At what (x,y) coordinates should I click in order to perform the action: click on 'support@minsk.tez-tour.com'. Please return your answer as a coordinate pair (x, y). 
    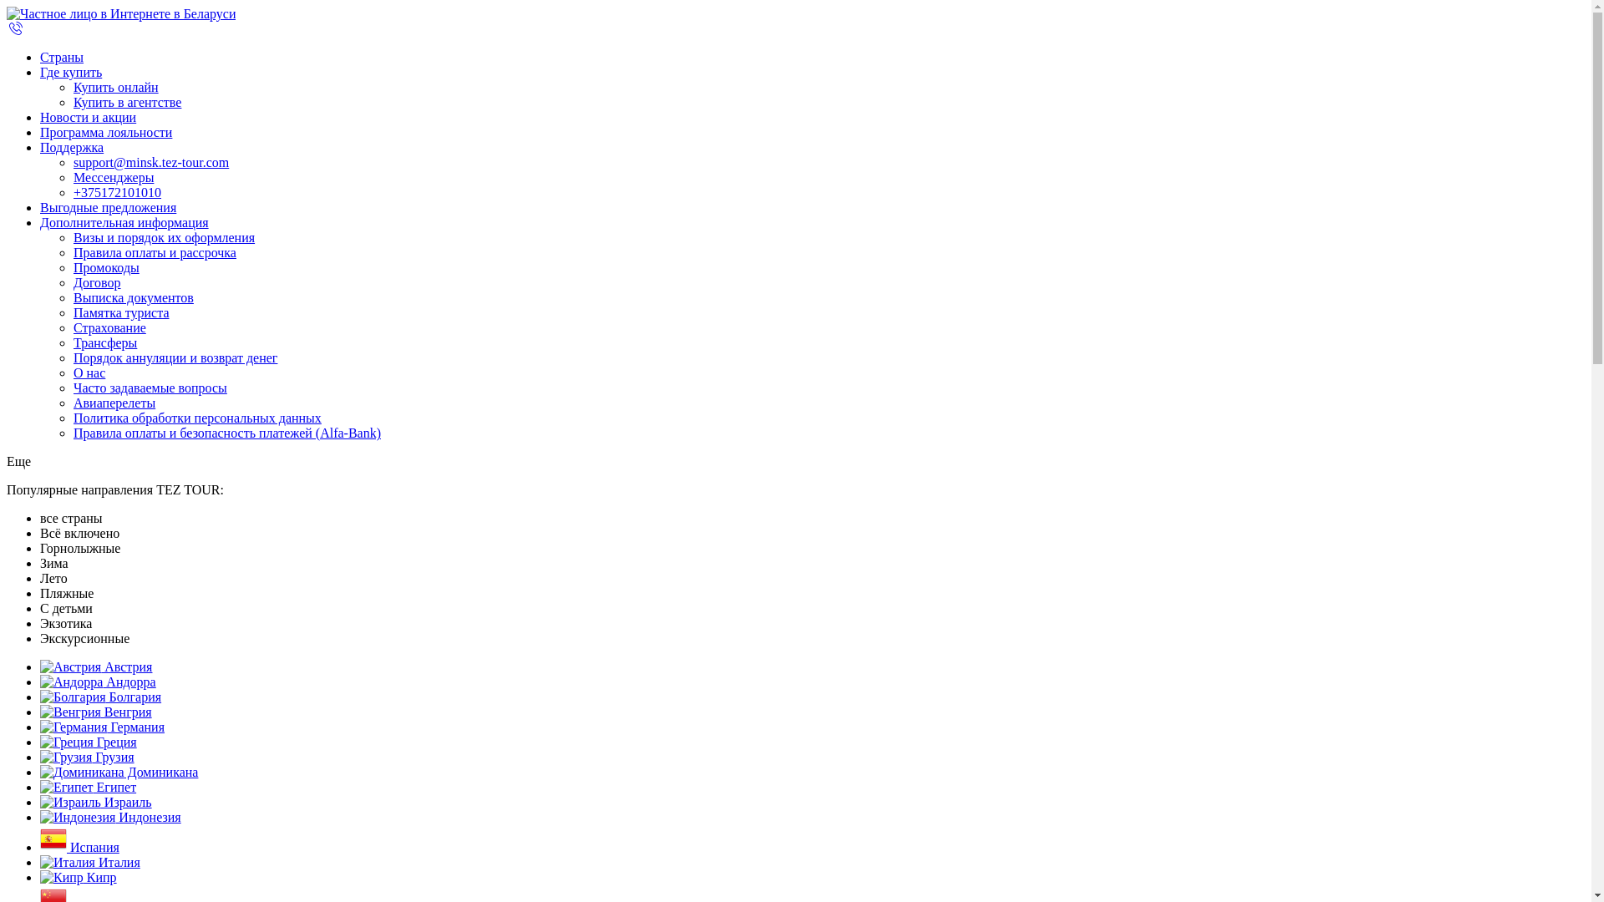
    Looking at the image, I should click on (151, 162).